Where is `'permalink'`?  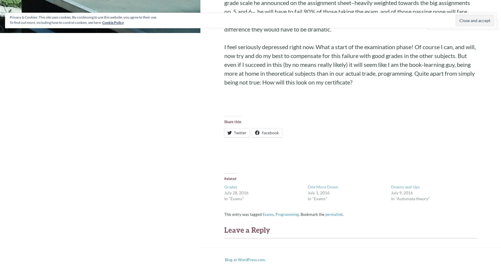
'permalink' is located at coordinates (334, 214).